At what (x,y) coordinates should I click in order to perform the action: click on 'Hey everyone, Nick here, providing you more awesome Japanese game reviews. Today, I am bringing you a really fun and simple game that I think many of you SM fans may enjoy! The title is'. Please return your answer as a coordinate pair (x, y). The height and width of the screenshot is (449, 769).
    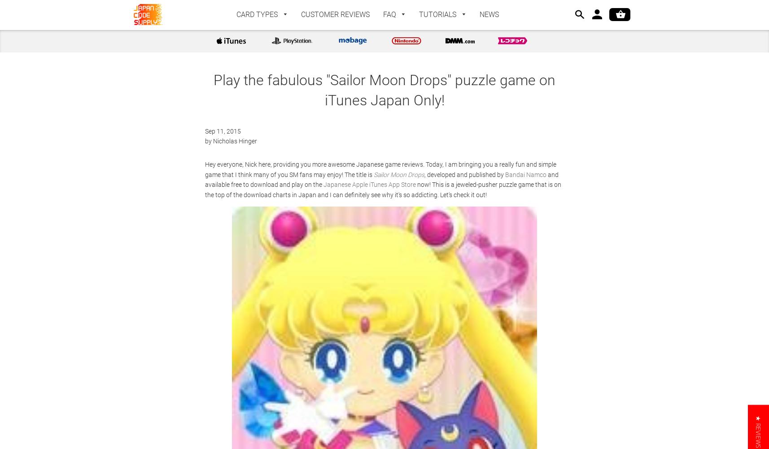
    Looking at the image, I should click on (380, 169).